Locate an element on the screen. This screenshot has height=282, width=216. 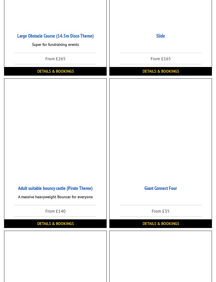
'From £265' is located at coordinates (55, 58).